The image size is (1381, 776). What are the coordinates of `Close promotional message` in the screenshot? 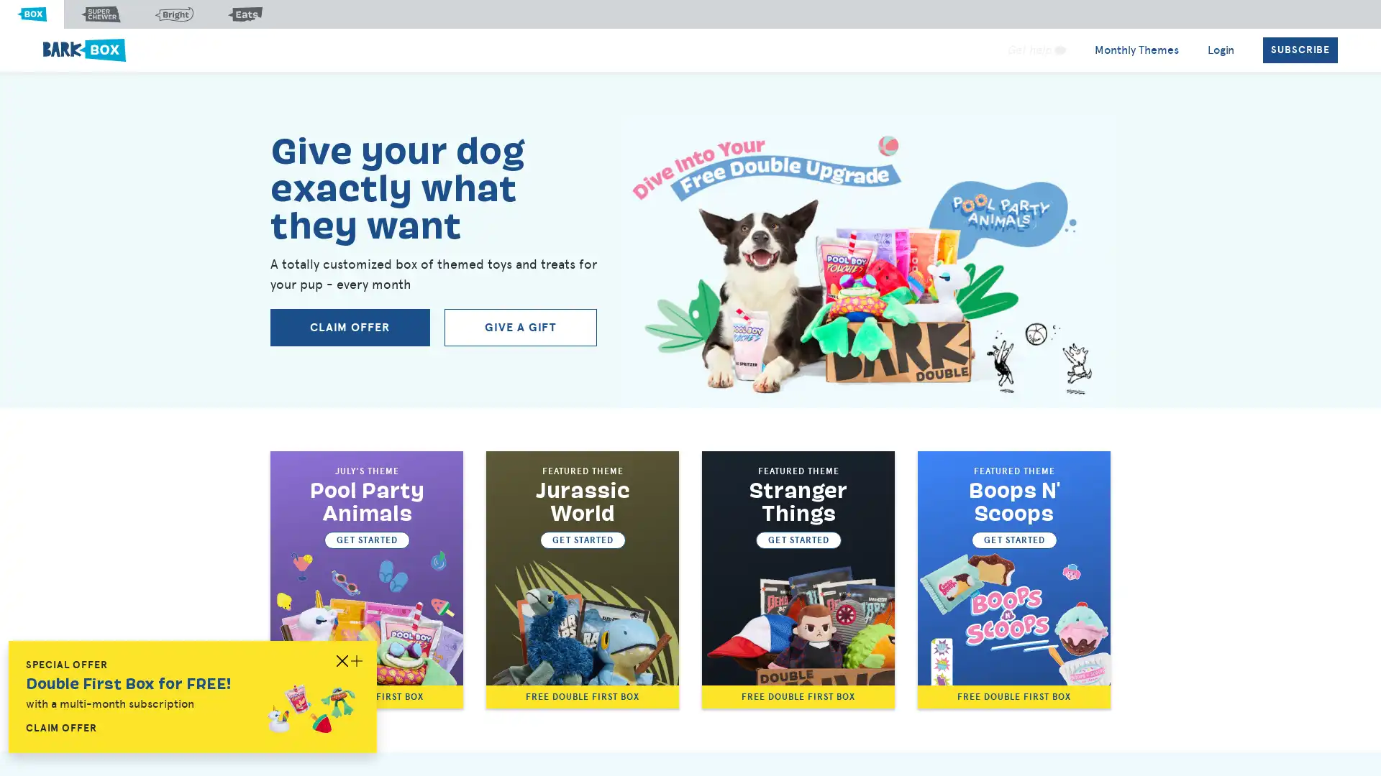 It's located at (356, 661).